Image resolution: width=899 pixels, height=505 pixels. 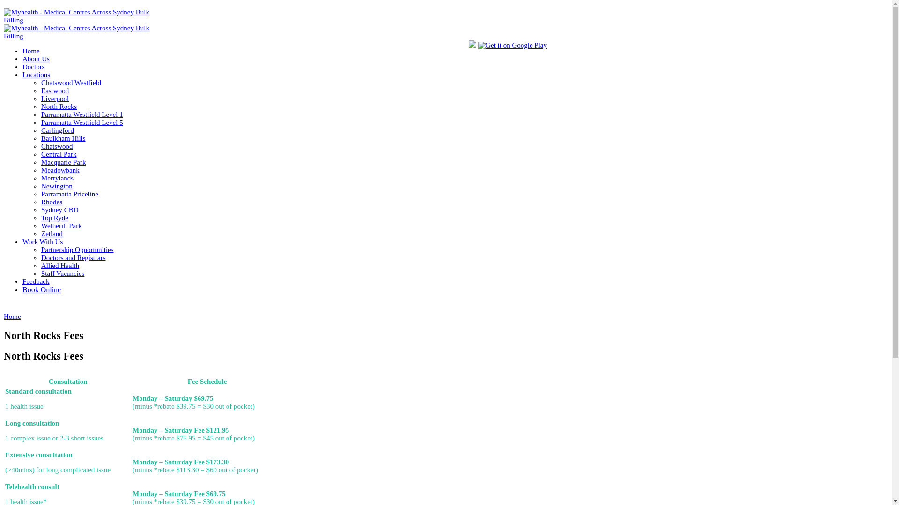 What do you see at coordinates (36, 74) in the screenshot?
I see `'Locations'` at bounding box center [36, 74].